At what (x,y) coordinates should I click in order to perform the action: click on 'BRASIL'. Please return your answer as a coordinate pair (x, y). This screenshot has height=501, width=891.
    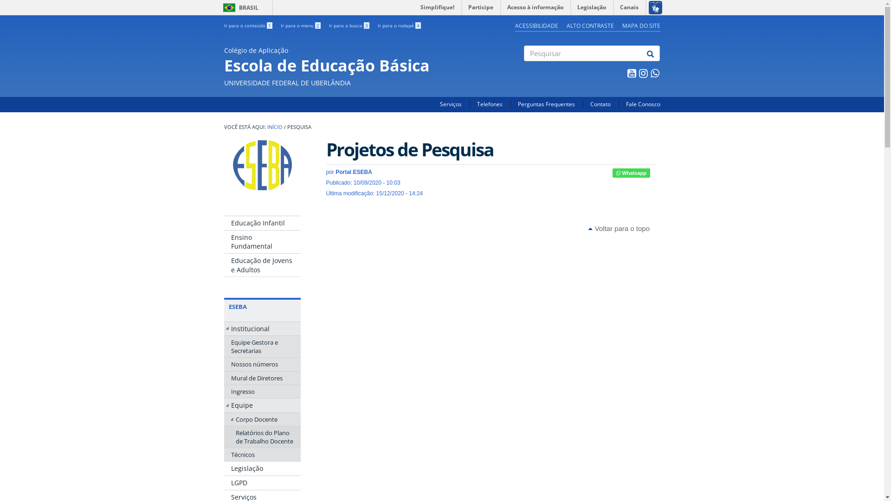
    Looking at the image, I should click on (229, 7).